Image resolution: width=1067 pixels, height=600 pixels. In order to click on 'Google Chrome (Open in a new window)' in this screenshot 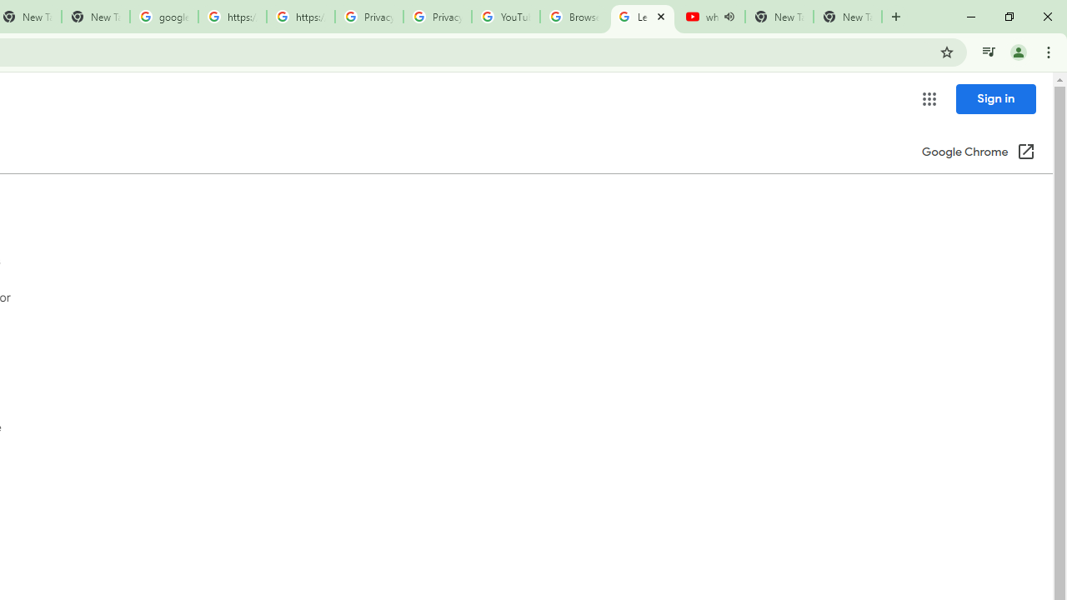, I will do `click(978, 152)`.